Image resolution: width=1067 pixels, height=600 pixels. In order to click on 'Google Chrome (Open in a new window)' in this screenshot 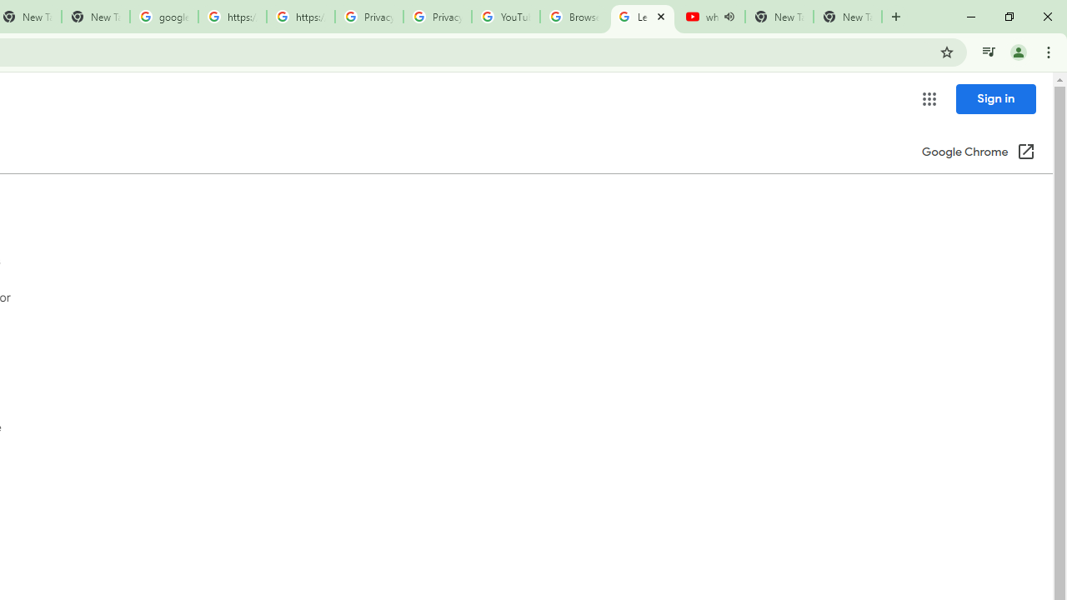, I will do `click(978, 152)`.